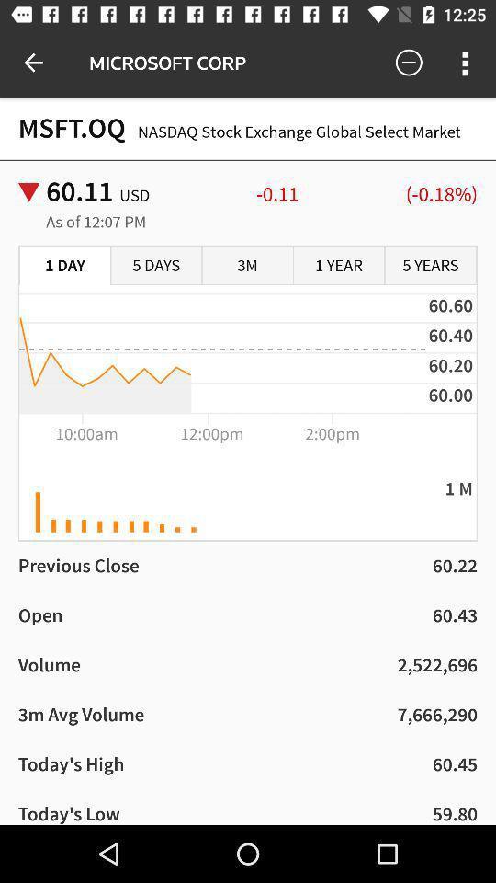  I want to click on item next to microsoft corp item, so click(33, 63).